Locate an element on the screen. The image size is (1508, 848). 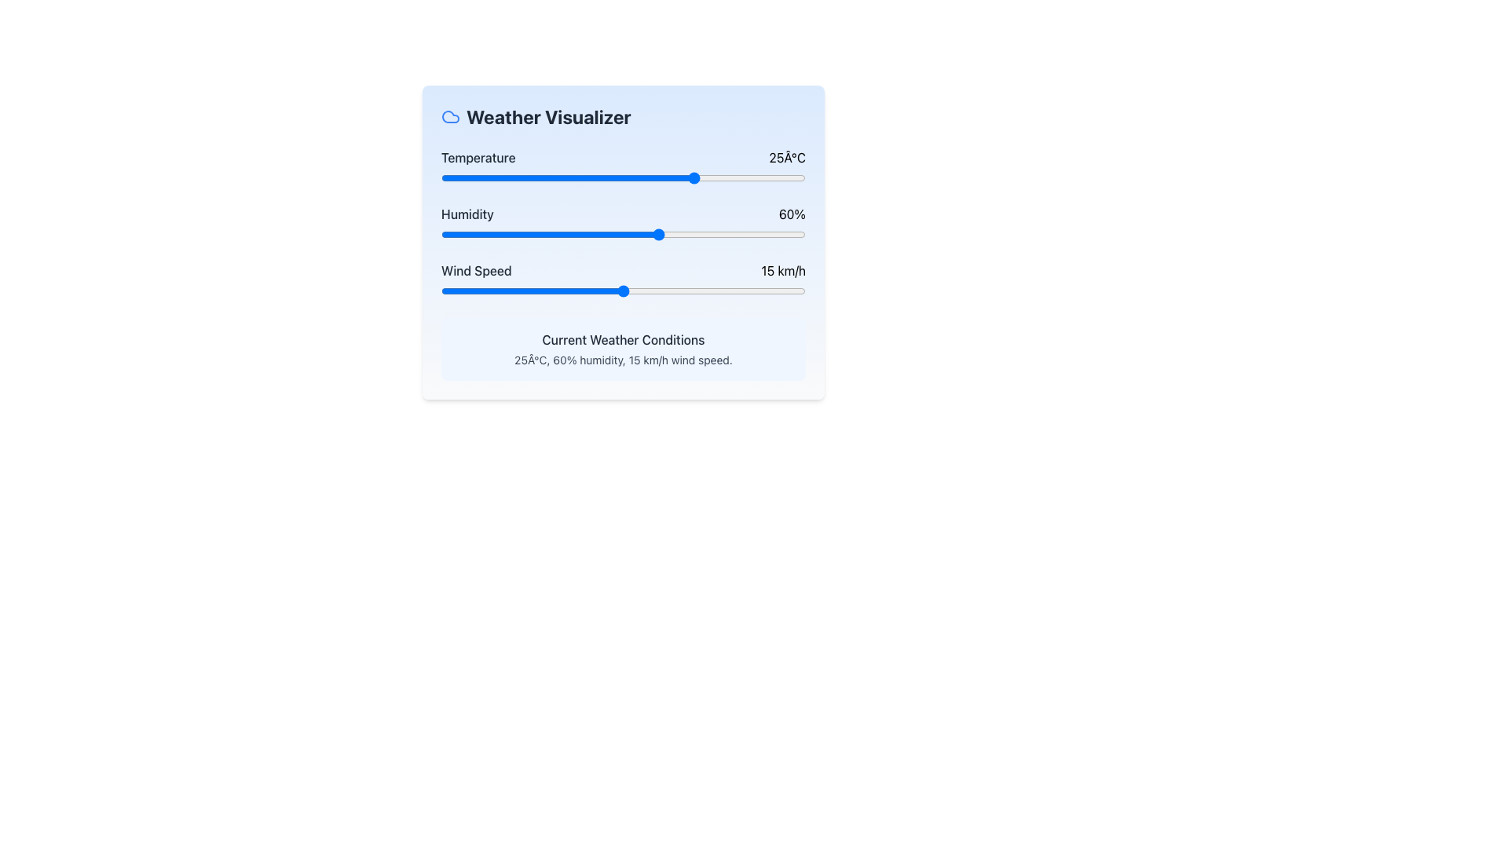
the 'Temperature' label element, which is a medium-weight, medium gray text label positioned on the left side of the weather visualization interface, aligned vertically with the temperature value on the right is located at coordinates (478, 157).